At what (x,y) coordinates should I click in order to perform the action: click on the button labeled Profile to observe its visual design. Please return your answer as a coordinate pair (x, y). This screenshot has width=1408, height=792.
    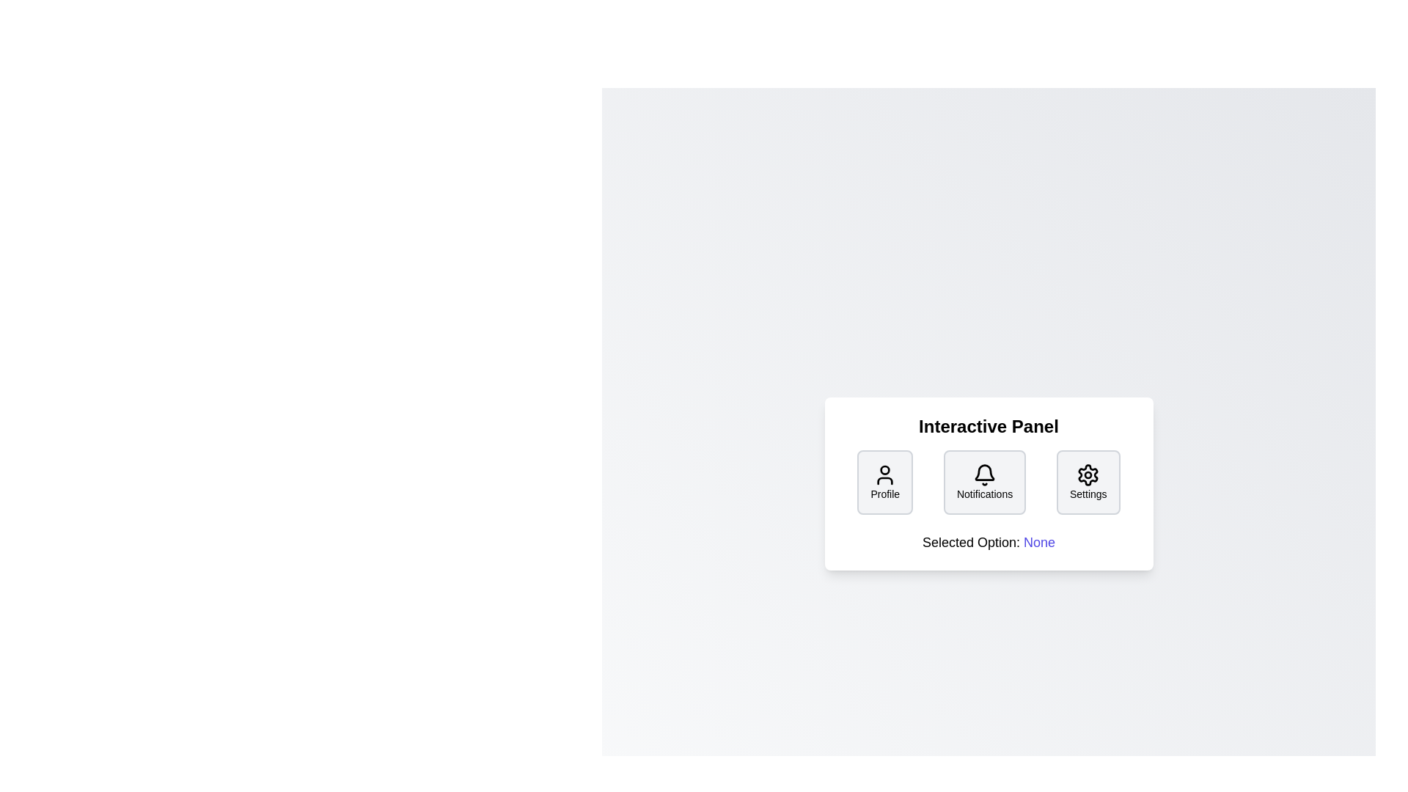
    Looking at the image, I should click on (884, 483).